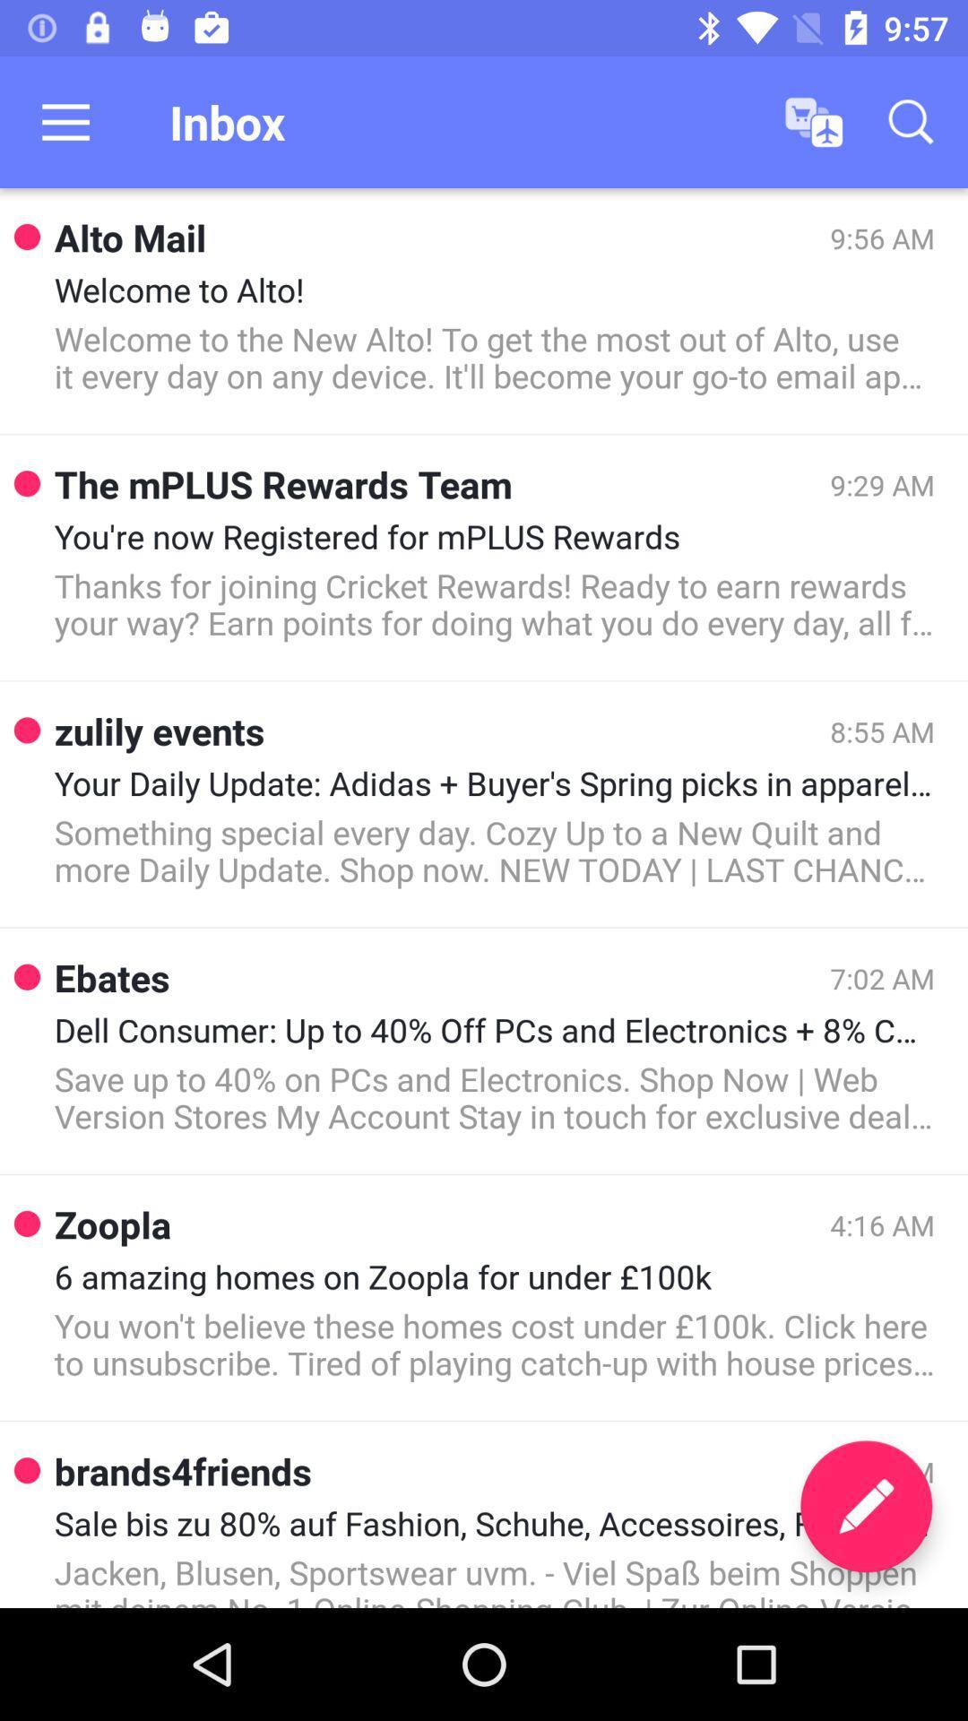 The width and height of the screenshot is (968, 1721). What do you see at coordinates (865, 1506) in the screenshot?
I see `the edit icon` at bounding box center [865, 1506].